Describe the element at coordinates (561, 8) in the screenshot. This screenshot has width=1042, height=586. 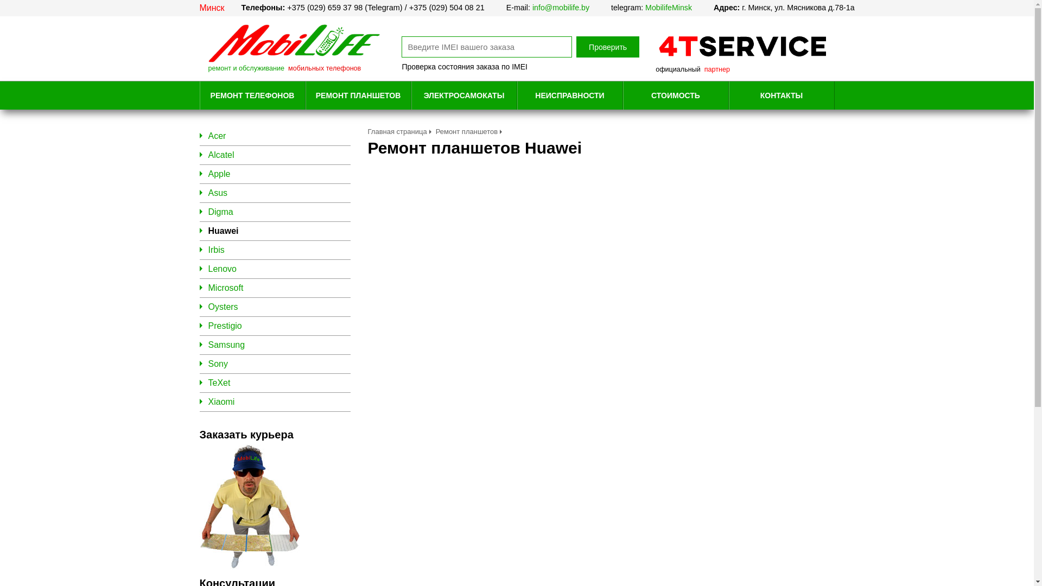
I see `'info@mobilife.by'` at that location.